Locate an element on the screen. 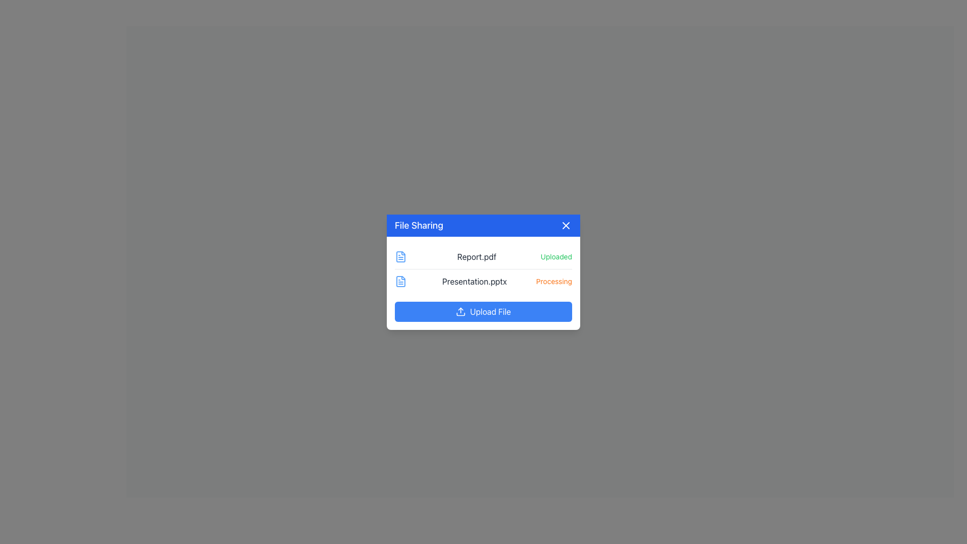  the 'X' icon button in the top-right corner of the blue header bar labeled 'File Sharing' is located at coordinates (566, 225).